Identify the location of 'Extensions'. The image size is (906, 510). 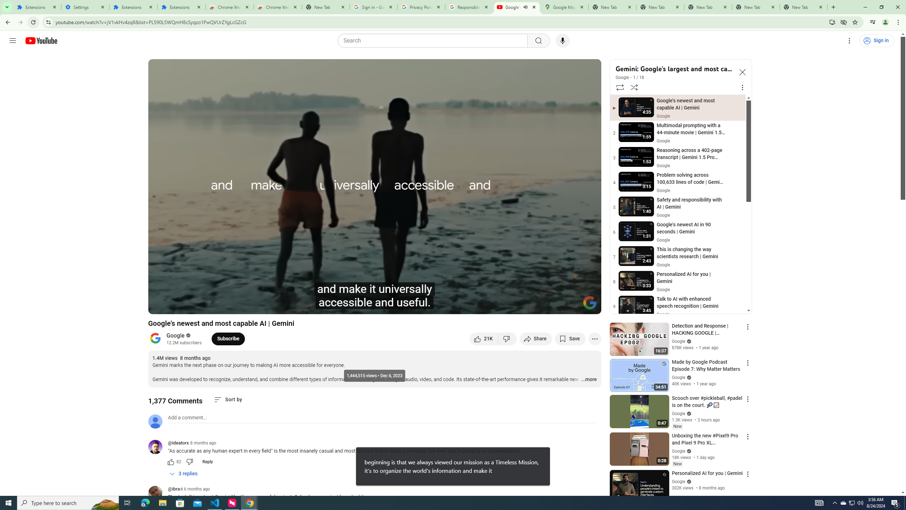
(36, 7).